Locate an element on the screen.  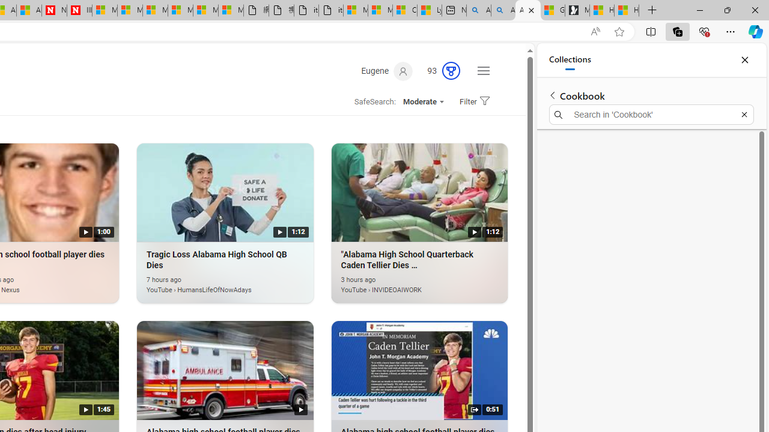
'AutomationID: rh_meter' is located at coordinates (450, 71).